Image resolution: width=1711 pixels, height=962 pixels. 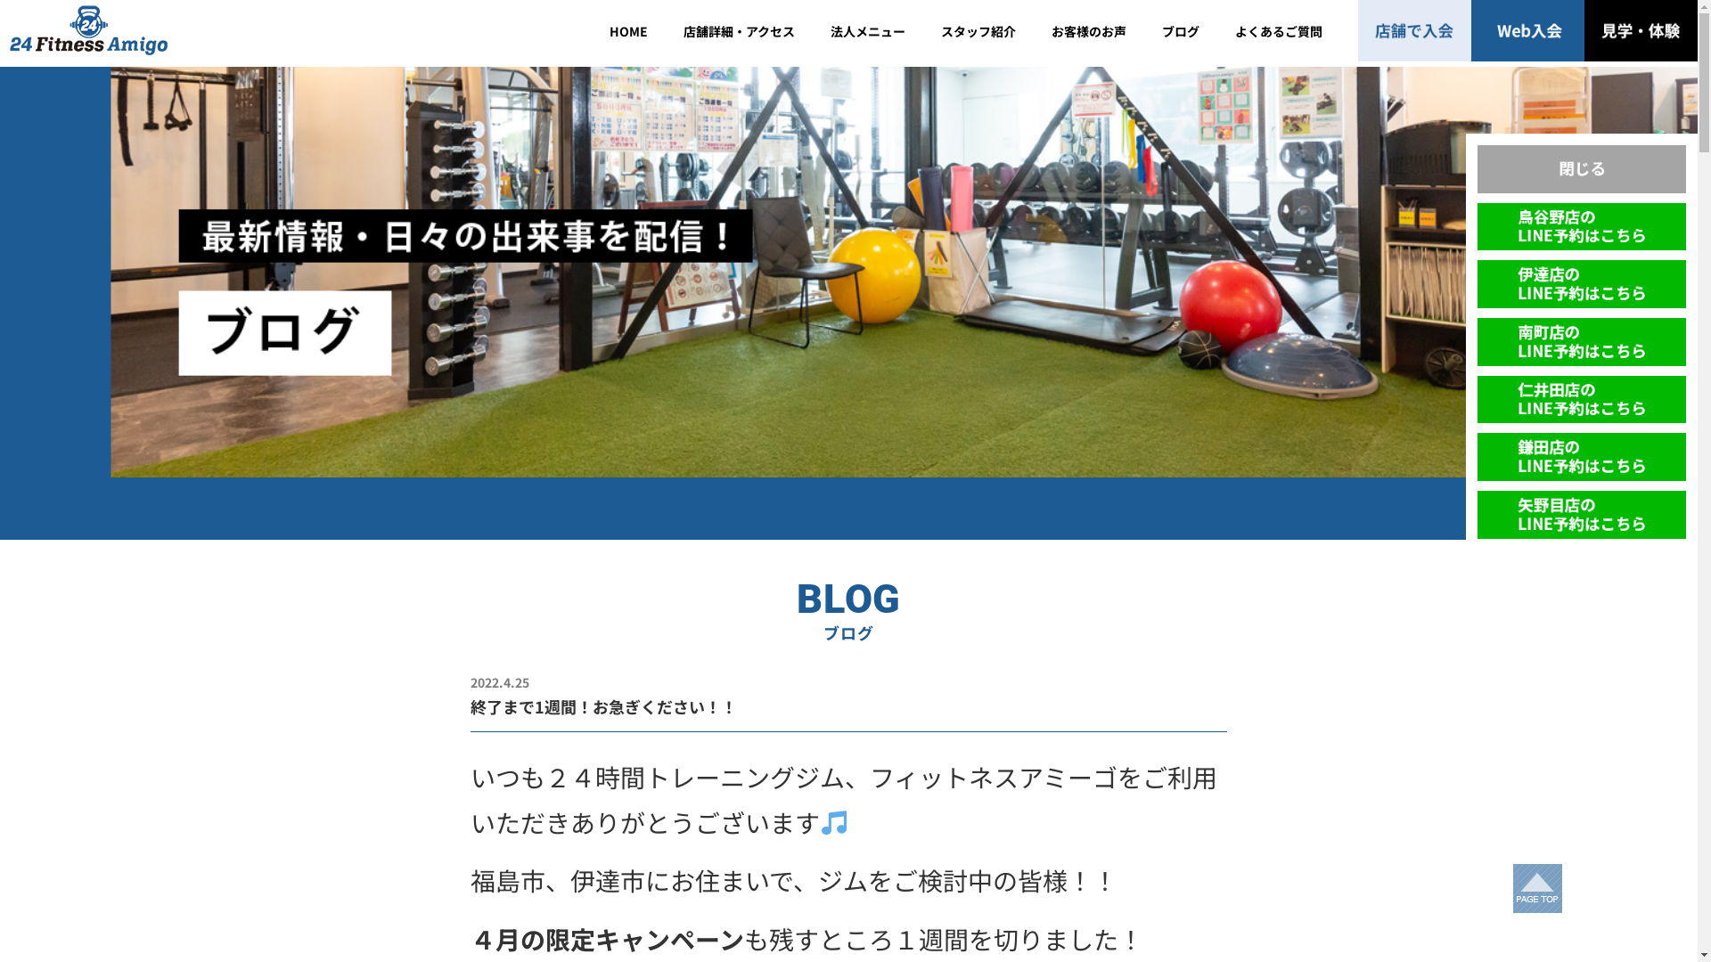 What do you see at coordinates (628, 30) in the screenshot?
I see `'HOME'` at bounding box center [628, 30].